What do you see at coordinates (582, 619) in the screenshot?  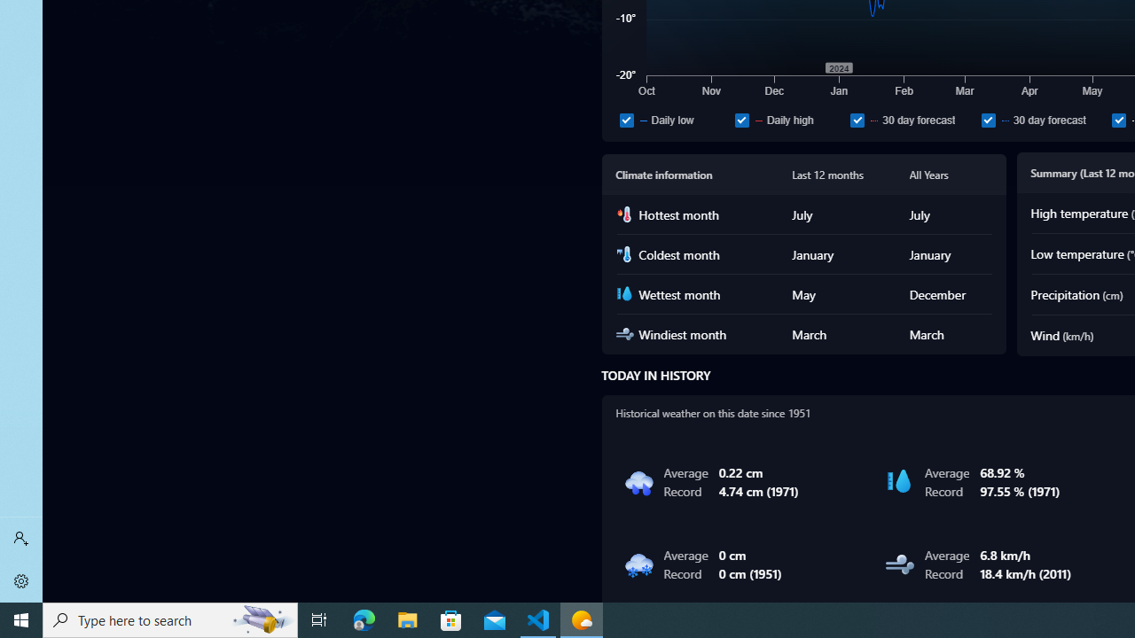 I see `'Weather - 1 running window'` at bounding box center [582, 619].